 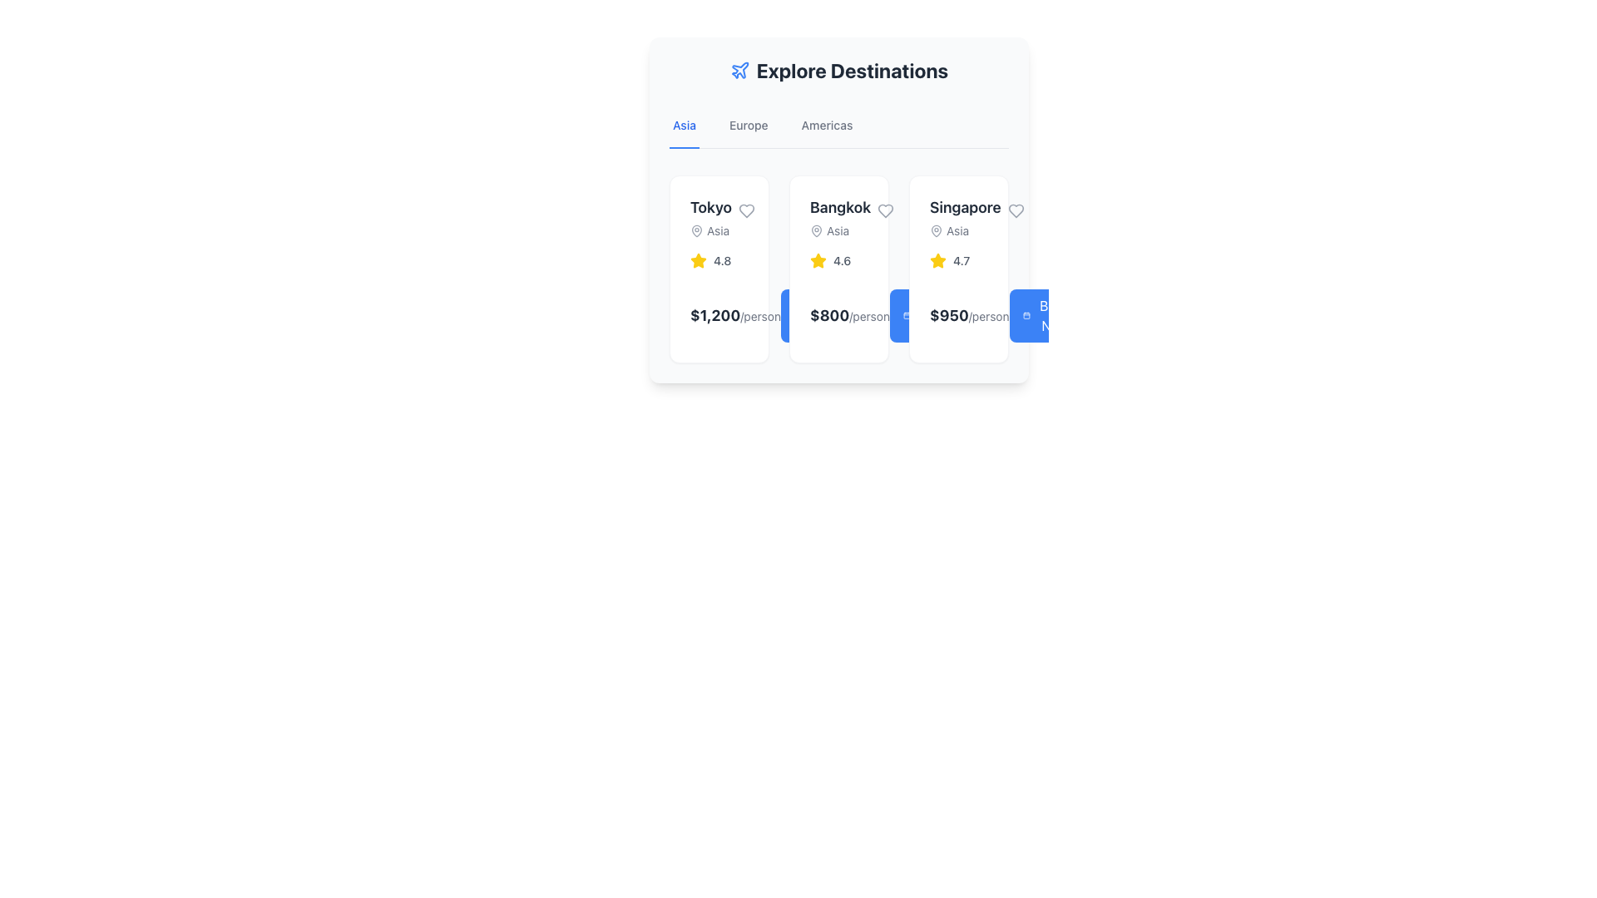 What do you see at coordinates (838, 69) in the screenshot?
I see `the header titled 'Explore Destinations' with an airplane icon` at bounding box center [838, 69].